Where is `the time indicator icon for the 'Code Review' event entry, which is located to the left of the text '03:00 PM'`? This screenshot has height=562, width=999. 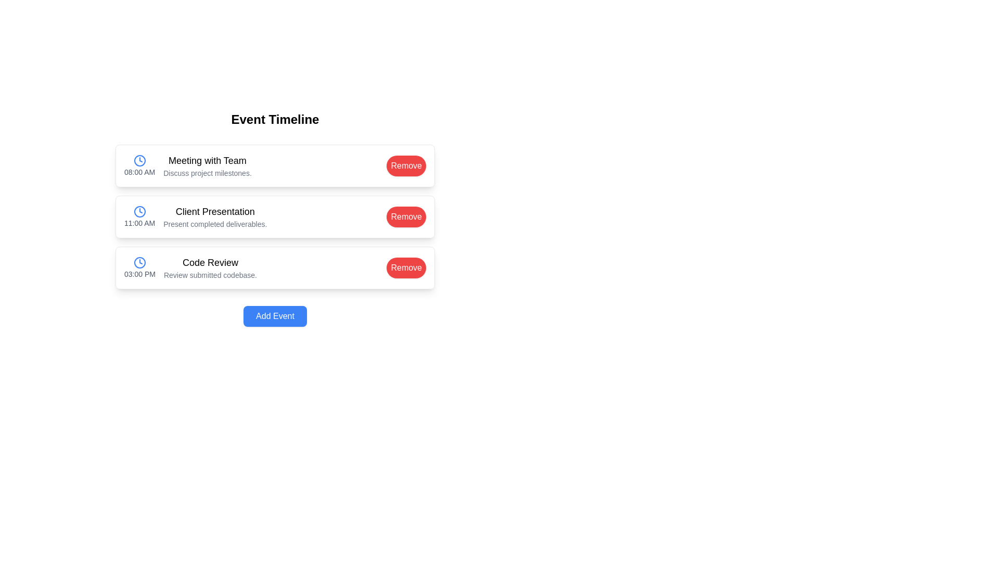
the time indicator icon for the 'Code Review' event entry, which is located to the left of the text '03:00 PM' is located at coordinates (139, 262).